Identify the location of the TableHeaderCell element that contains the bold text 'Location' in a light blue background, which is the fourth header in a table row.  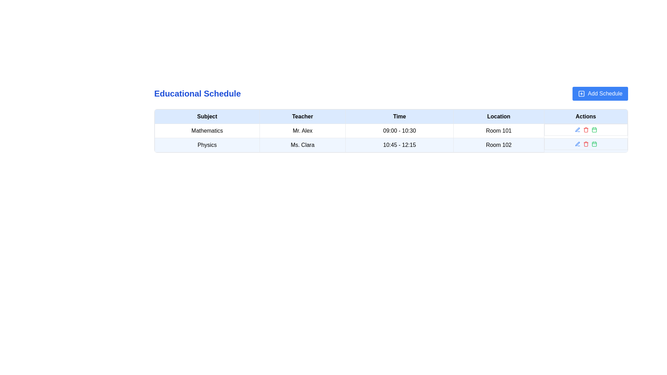
(498, 116).